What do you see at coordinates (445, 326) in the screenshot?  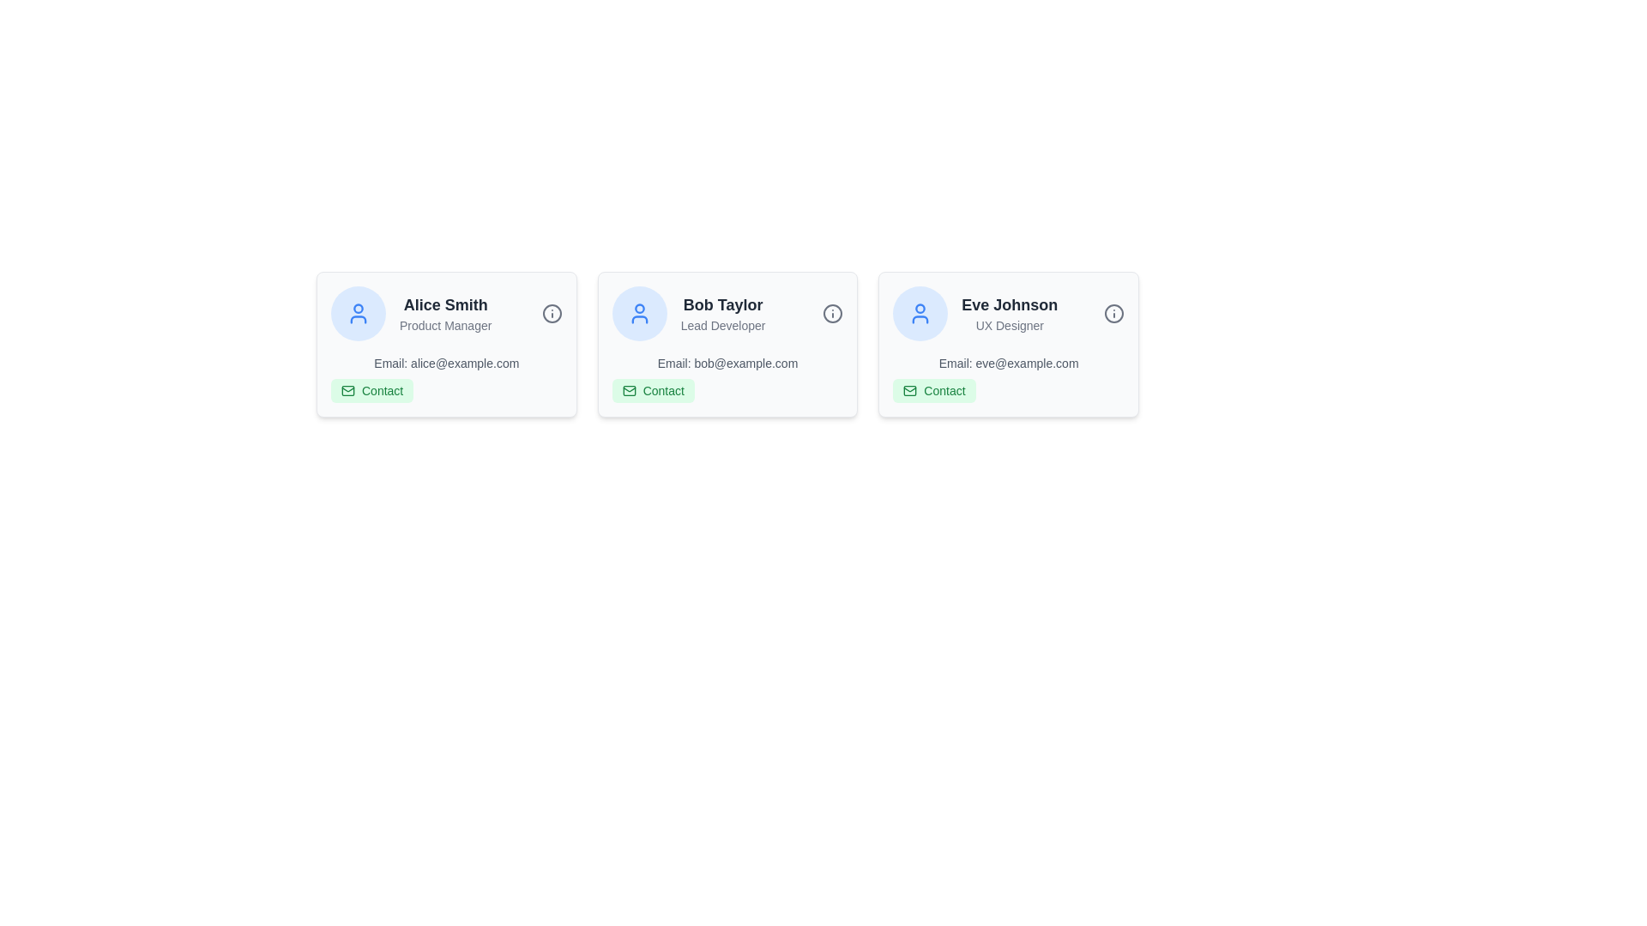 I see `the text label displaying 'Product Manager', which is located below the larger text 'Alice Smith' in the leftmost profile card` at bounding box center [445, 326].